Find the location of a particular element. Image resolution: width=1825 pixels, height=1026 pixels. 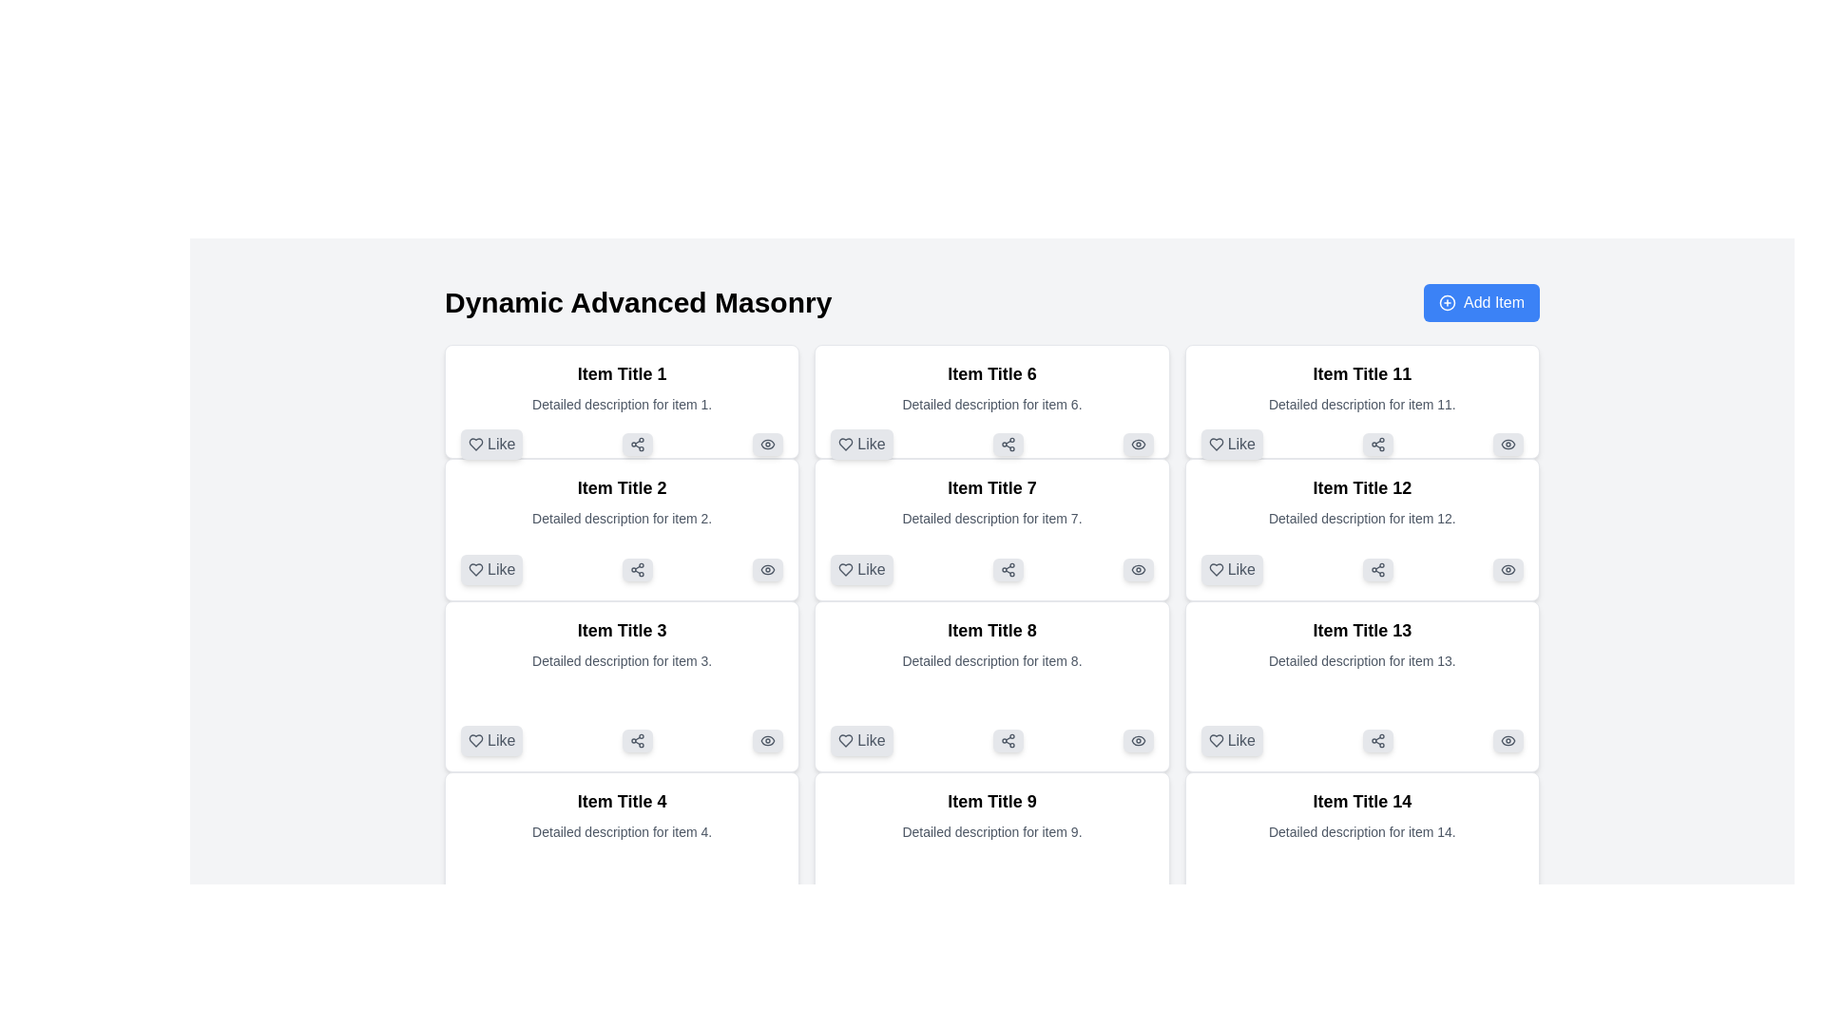

the textual component containing the title 'Item Title 11' and the description 'Detailed description for item 11' is located at coordinates (1361, 387).